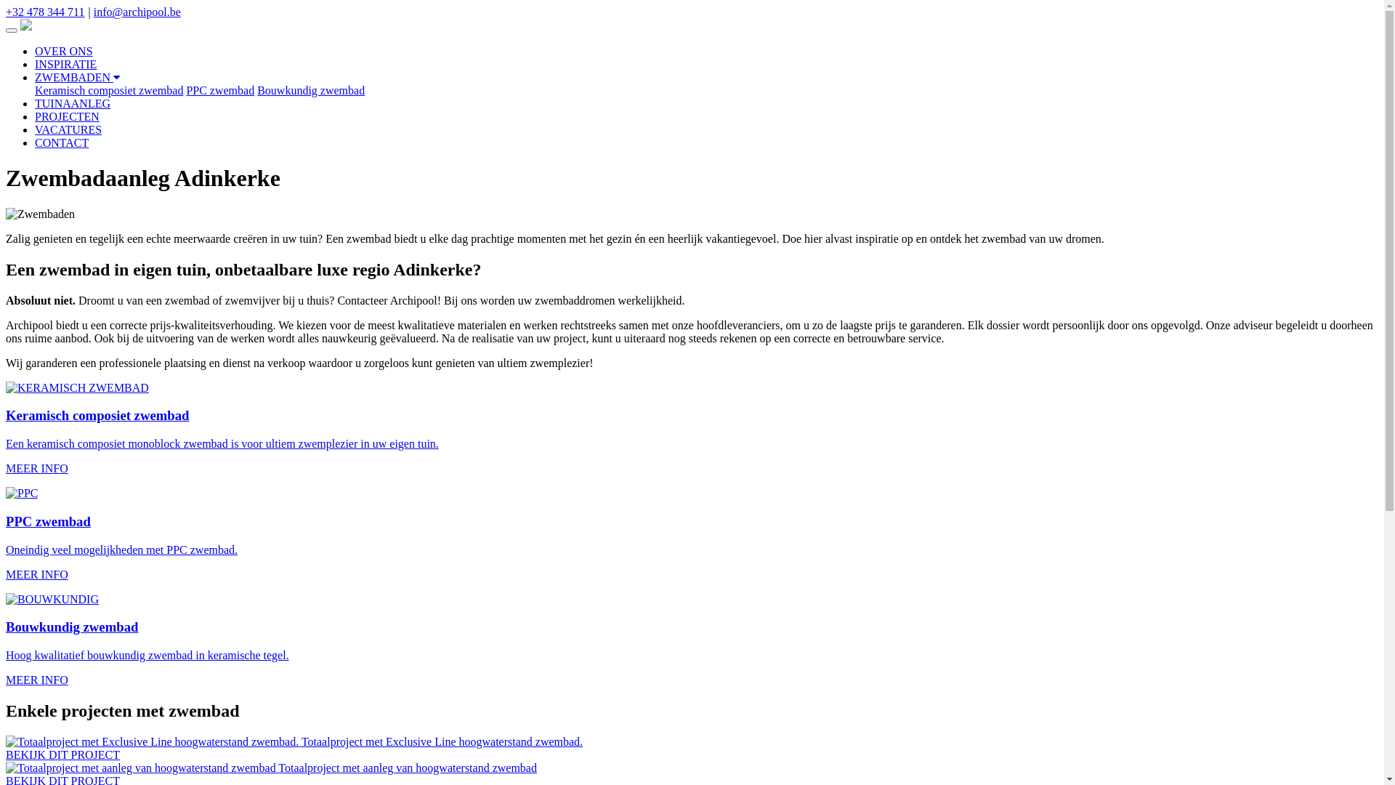 Image resolution: width=1395 pixels, height=785 pixels. Describe the element at coordinates (45, 12) in the screenshot. I see `'+32 478 344 711'` at that location.